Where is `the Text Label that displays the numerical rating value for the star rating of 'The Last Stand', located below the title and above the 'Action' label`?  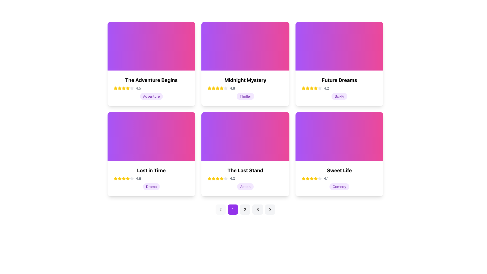
the Text Label that displays the numerical rating value for the star rating of 'The Last Stand', located below the title and above the 'Action' label is located at coordinates (232, 178).